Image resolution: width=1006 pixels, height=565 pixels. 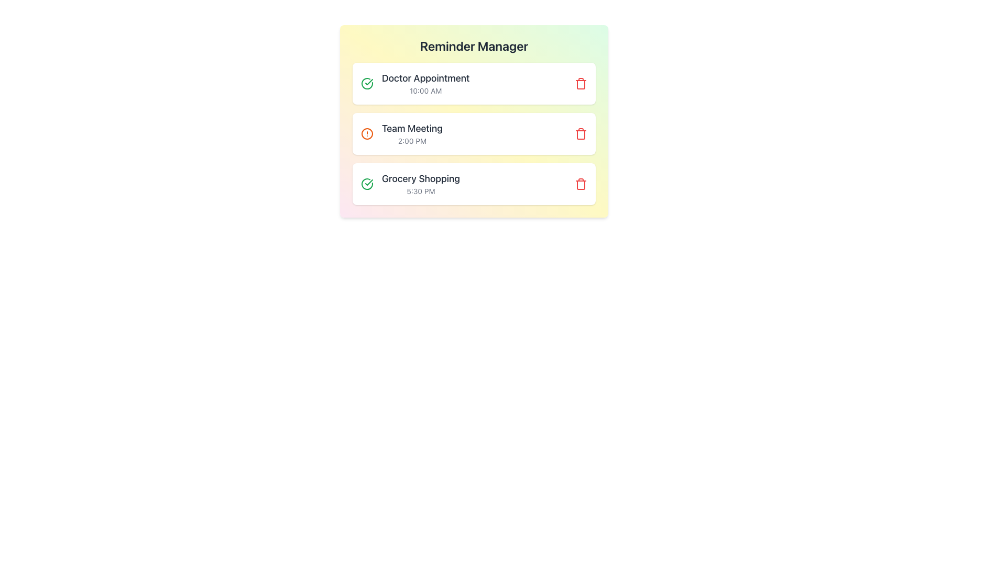 What do you see at coordinates (474, 120) in the screenshot?
I see `within the Card UI component that serves as an organizer or reminder manager to interact with its scheduled tasks` at bounding box center [474, 120].